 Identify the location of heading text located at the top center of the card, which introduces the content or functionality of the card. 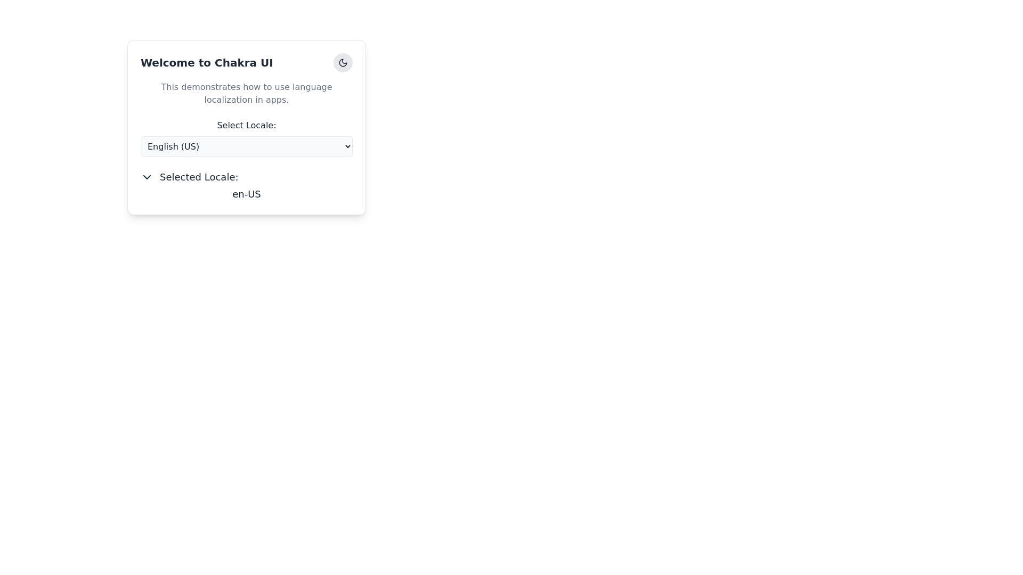
(246, 63).